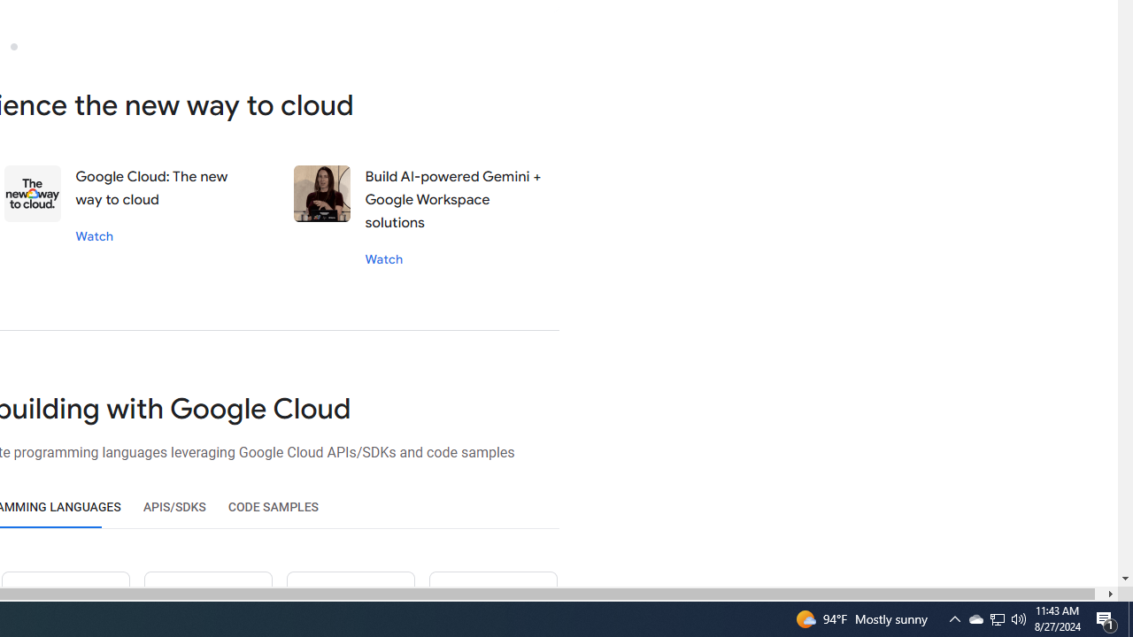 This screenshot has width=1133, height=637. Describe the element at coordinates (13, 45) in the screenshot. I see `'Slide 3'` at that location.